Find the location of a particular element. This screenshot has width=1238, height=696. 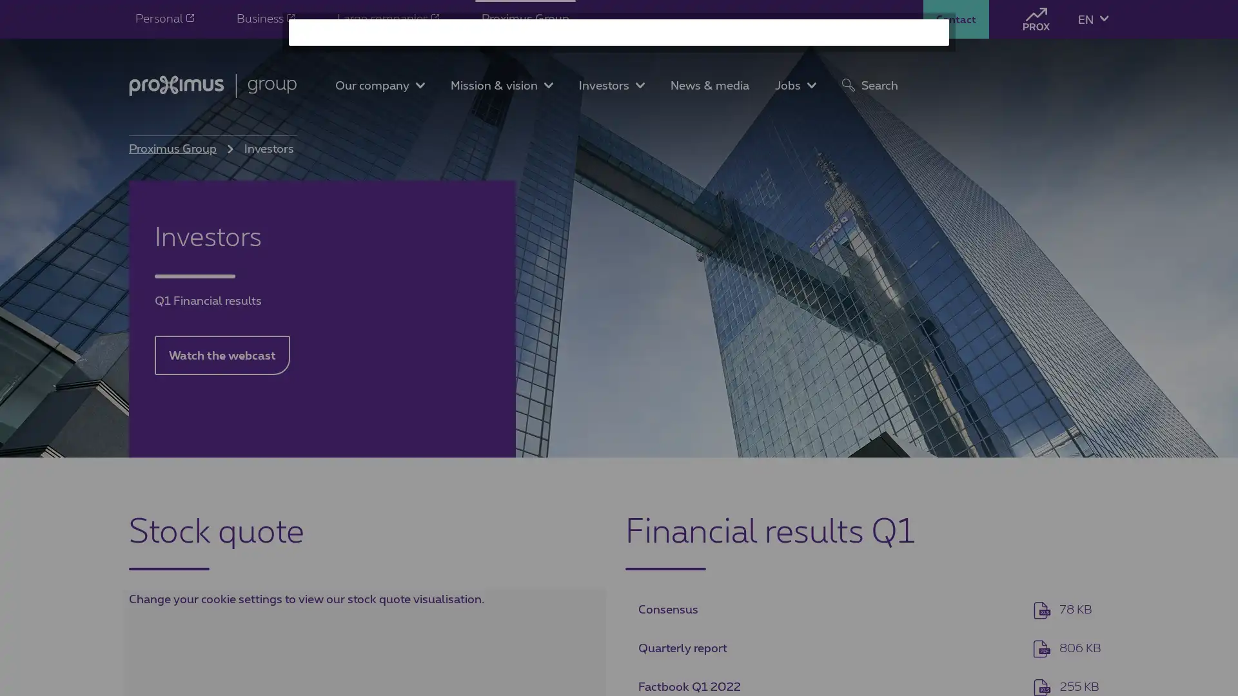

Search is located at coordinates (870, 85).